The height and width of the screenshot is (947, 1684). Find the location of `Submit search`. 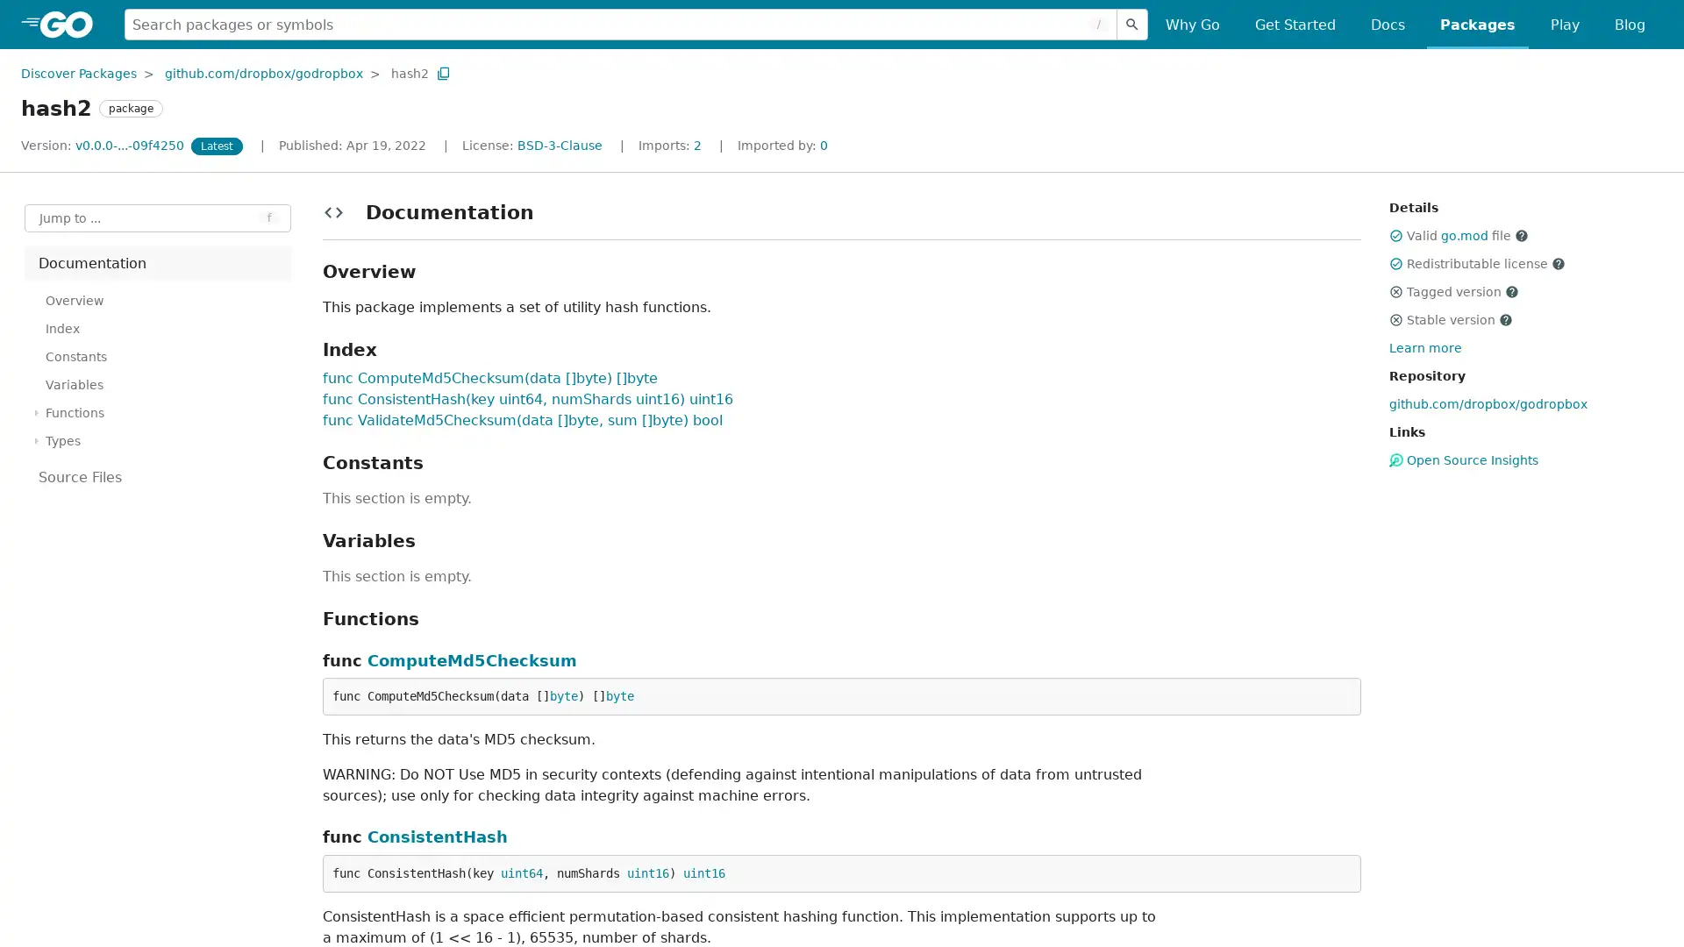

Submit search is located at coordinates (1132, 24).